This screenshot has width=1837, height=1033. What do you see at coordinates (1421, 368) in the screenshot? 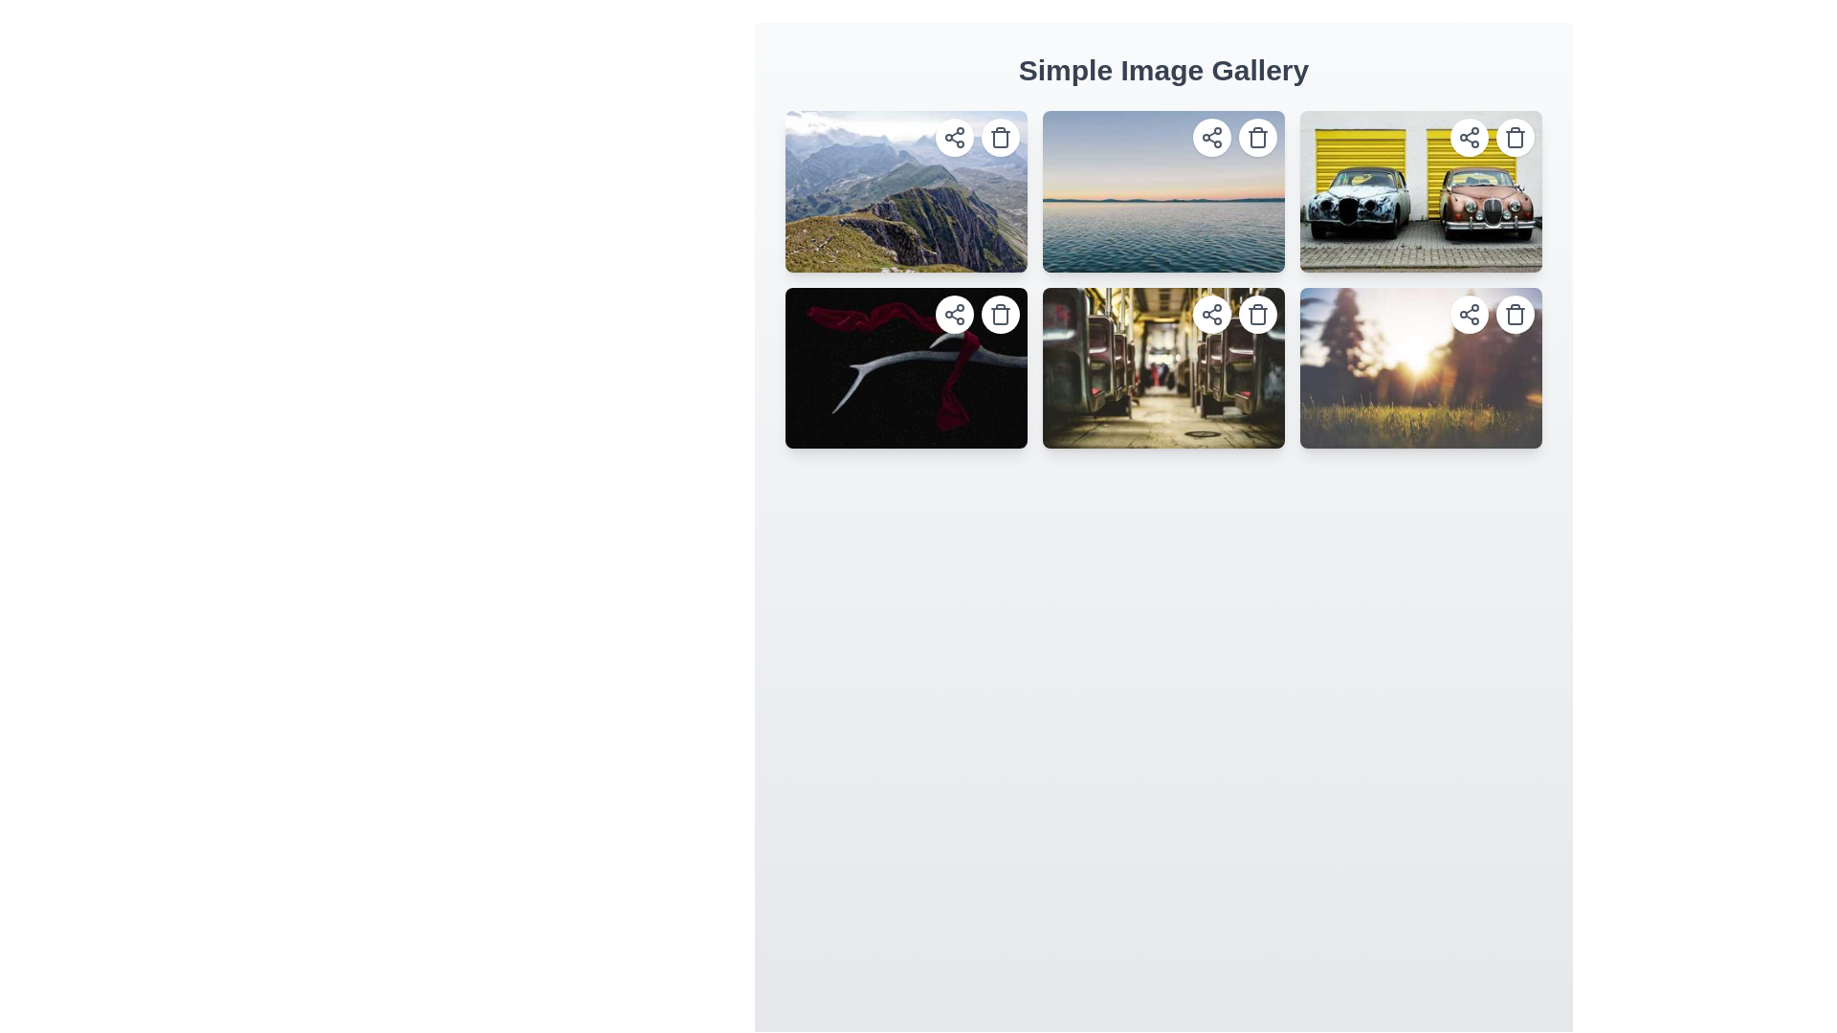
I see `the card displaying an image of a grassy field with sunlight, located in the bottom-right corner of the grid layout, which features two small circular buttons in the top right corner` at bounding box center [1421, 368].